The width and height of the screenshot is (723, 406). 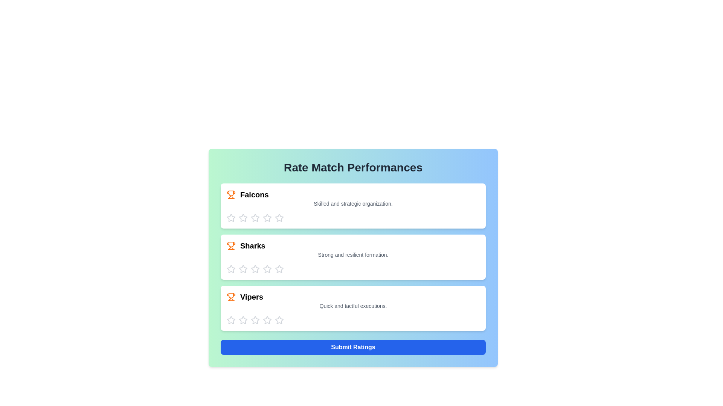 I want to click on the Vipers team's 1 star to set the rating, so click(x=231, y=320).